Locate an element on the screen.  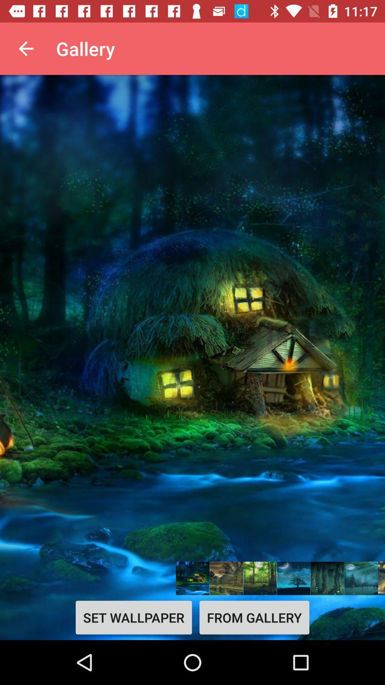
set wallpaper item is located at coordinates (134, 617).